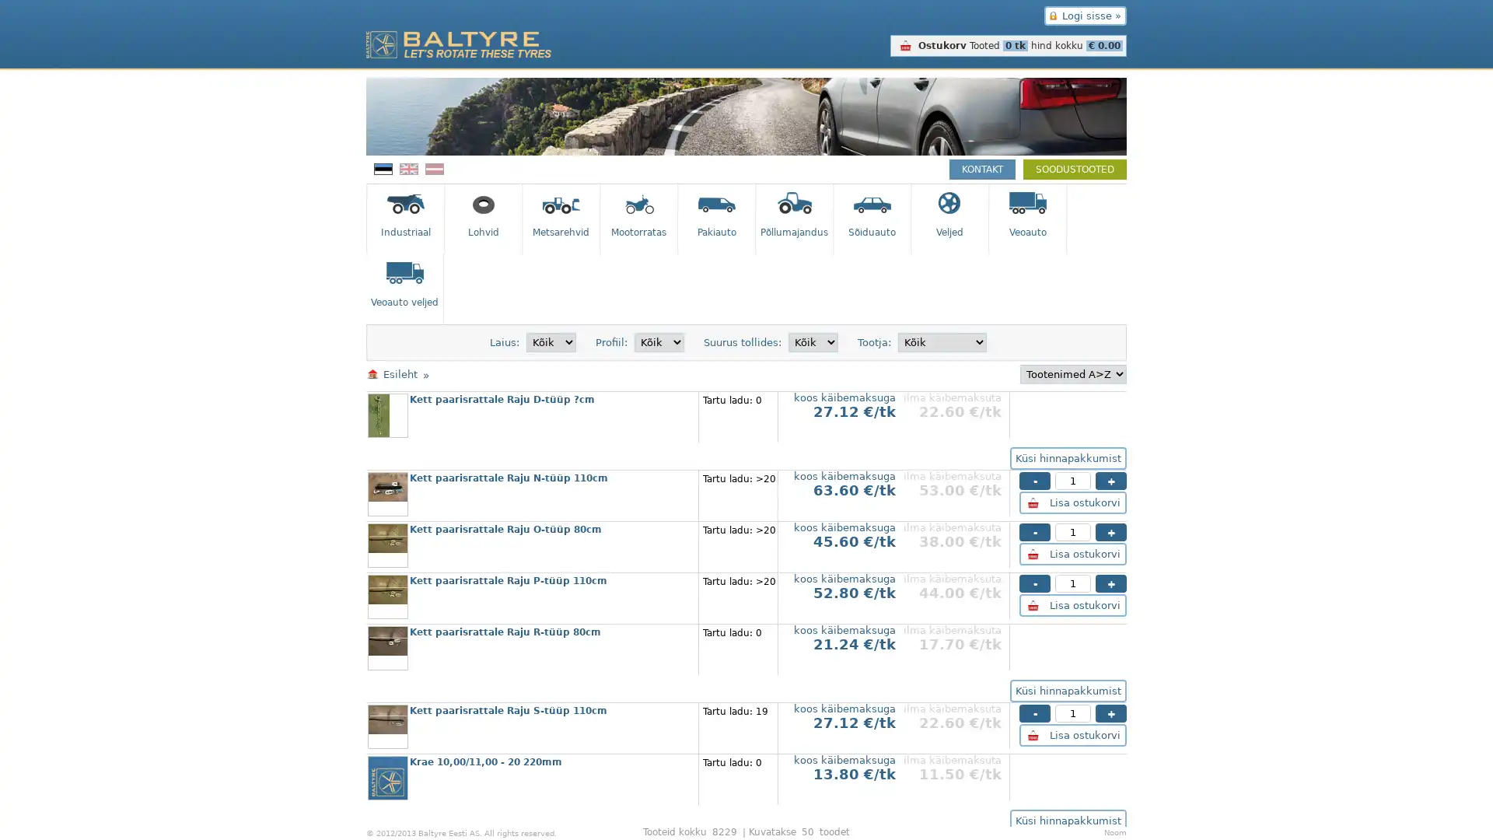 The image size is (1493, 840). I want to click on +, so click(1110, 713).